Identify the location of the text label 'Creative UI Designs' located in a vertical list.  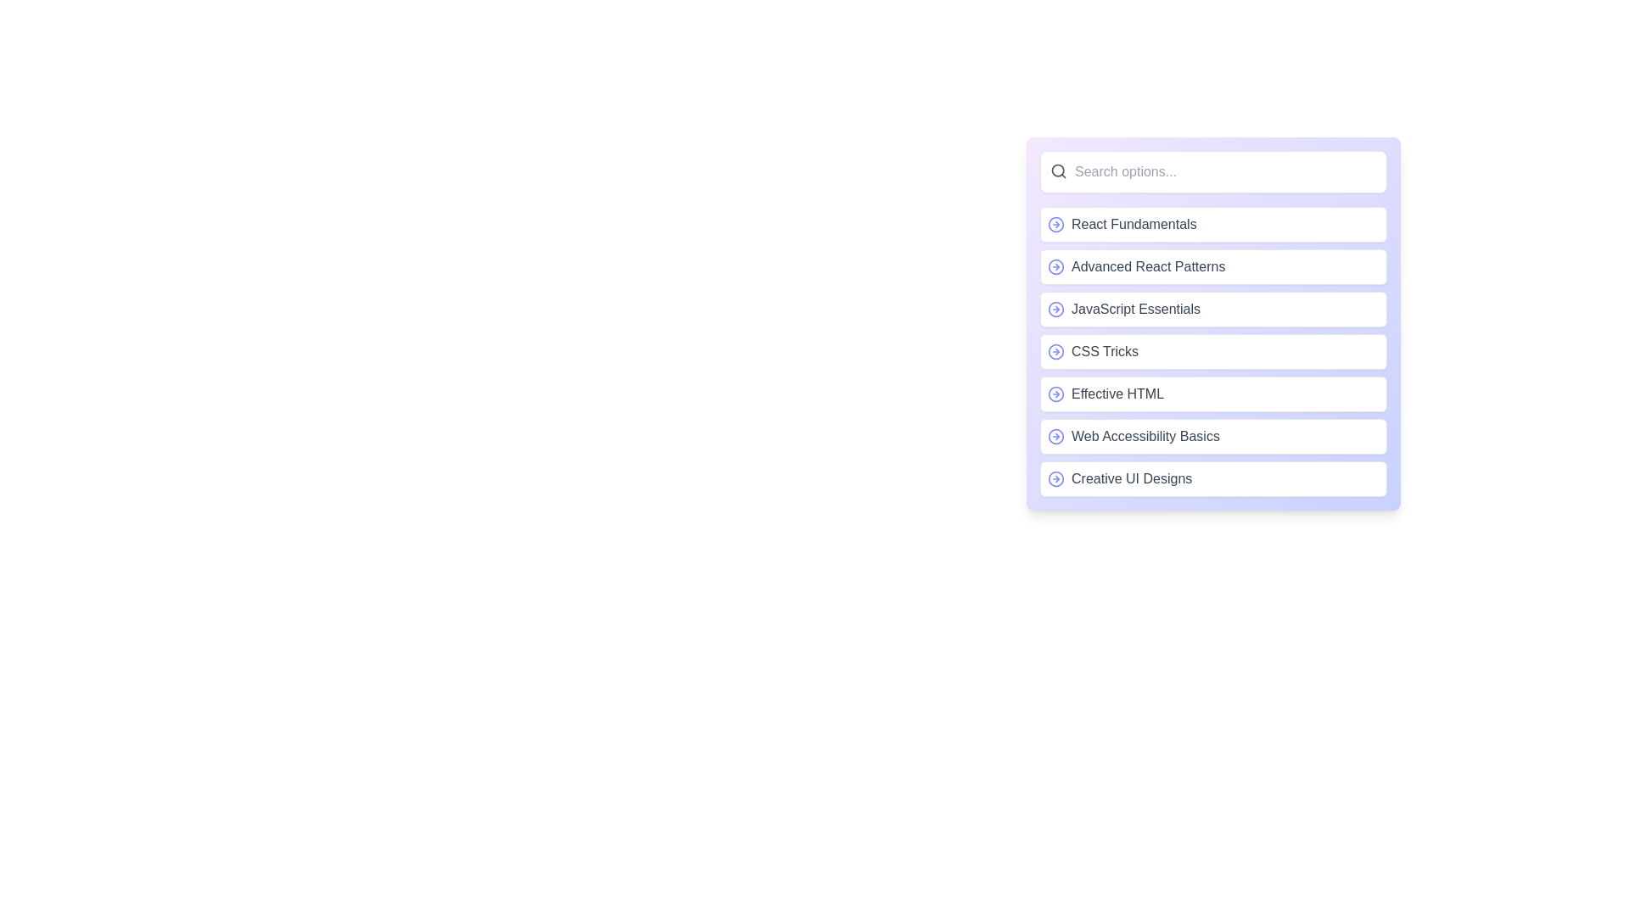
(1132, 478).